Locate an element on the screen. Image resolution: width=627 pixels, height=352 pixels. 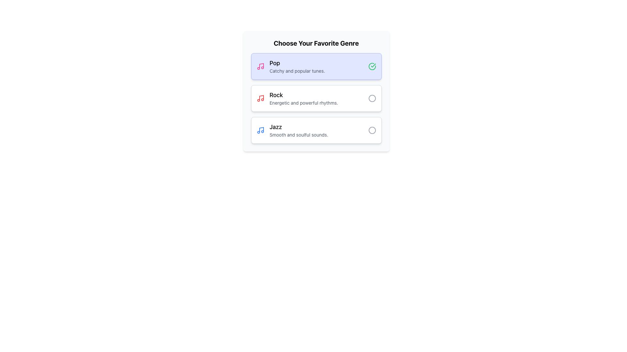
the musical note icon styled in red, which is part of the 'Rock' selection option, located next to the text 'Rock.' is located at coordinates (261, 98).